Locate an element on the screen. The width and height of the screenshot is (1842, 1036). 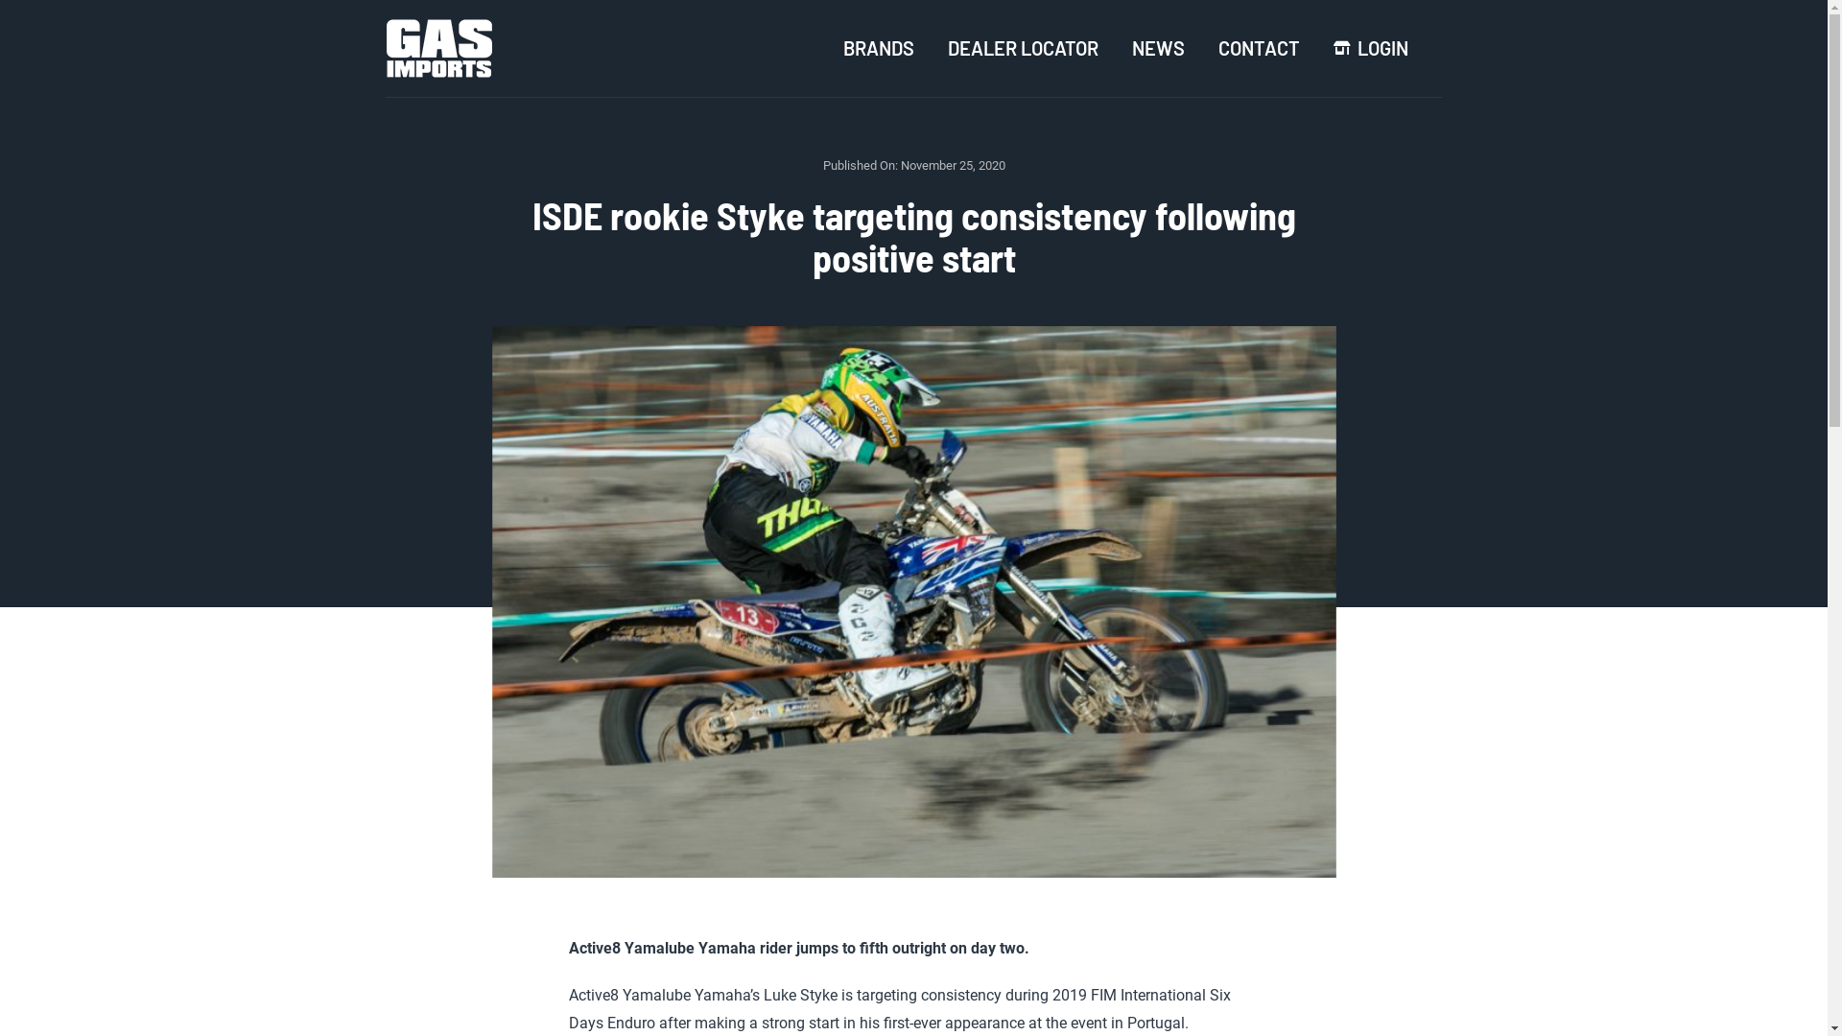
'CONTACT' is located at coordinates (1259, 47).